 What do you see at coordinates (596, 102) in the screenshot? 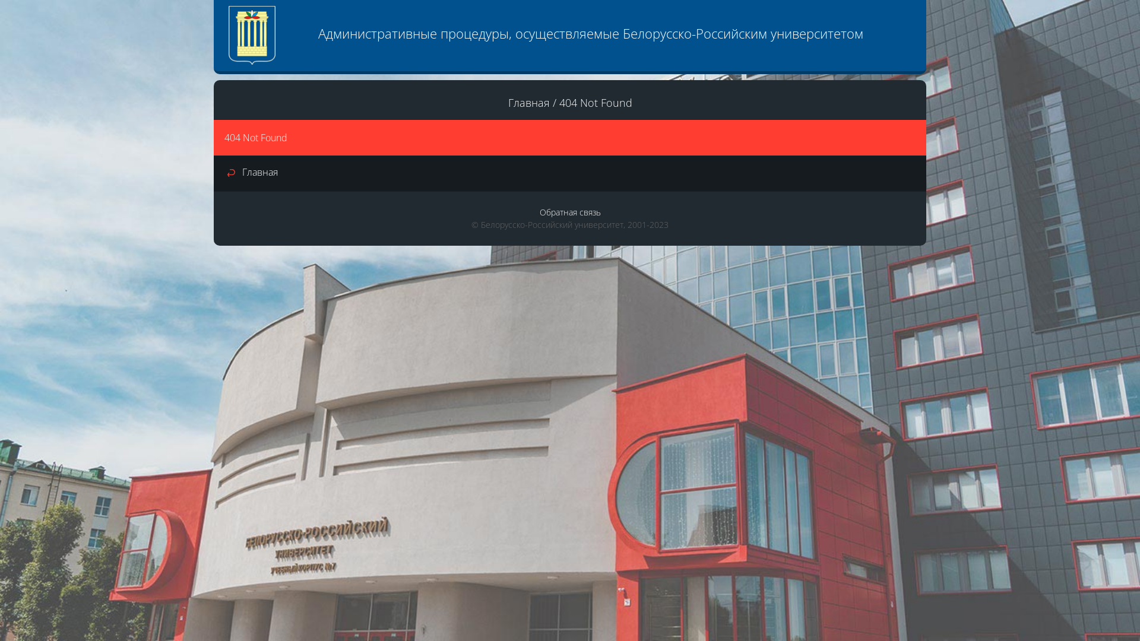
I see `'404 Not Found'` at bounding box center [596, 102].